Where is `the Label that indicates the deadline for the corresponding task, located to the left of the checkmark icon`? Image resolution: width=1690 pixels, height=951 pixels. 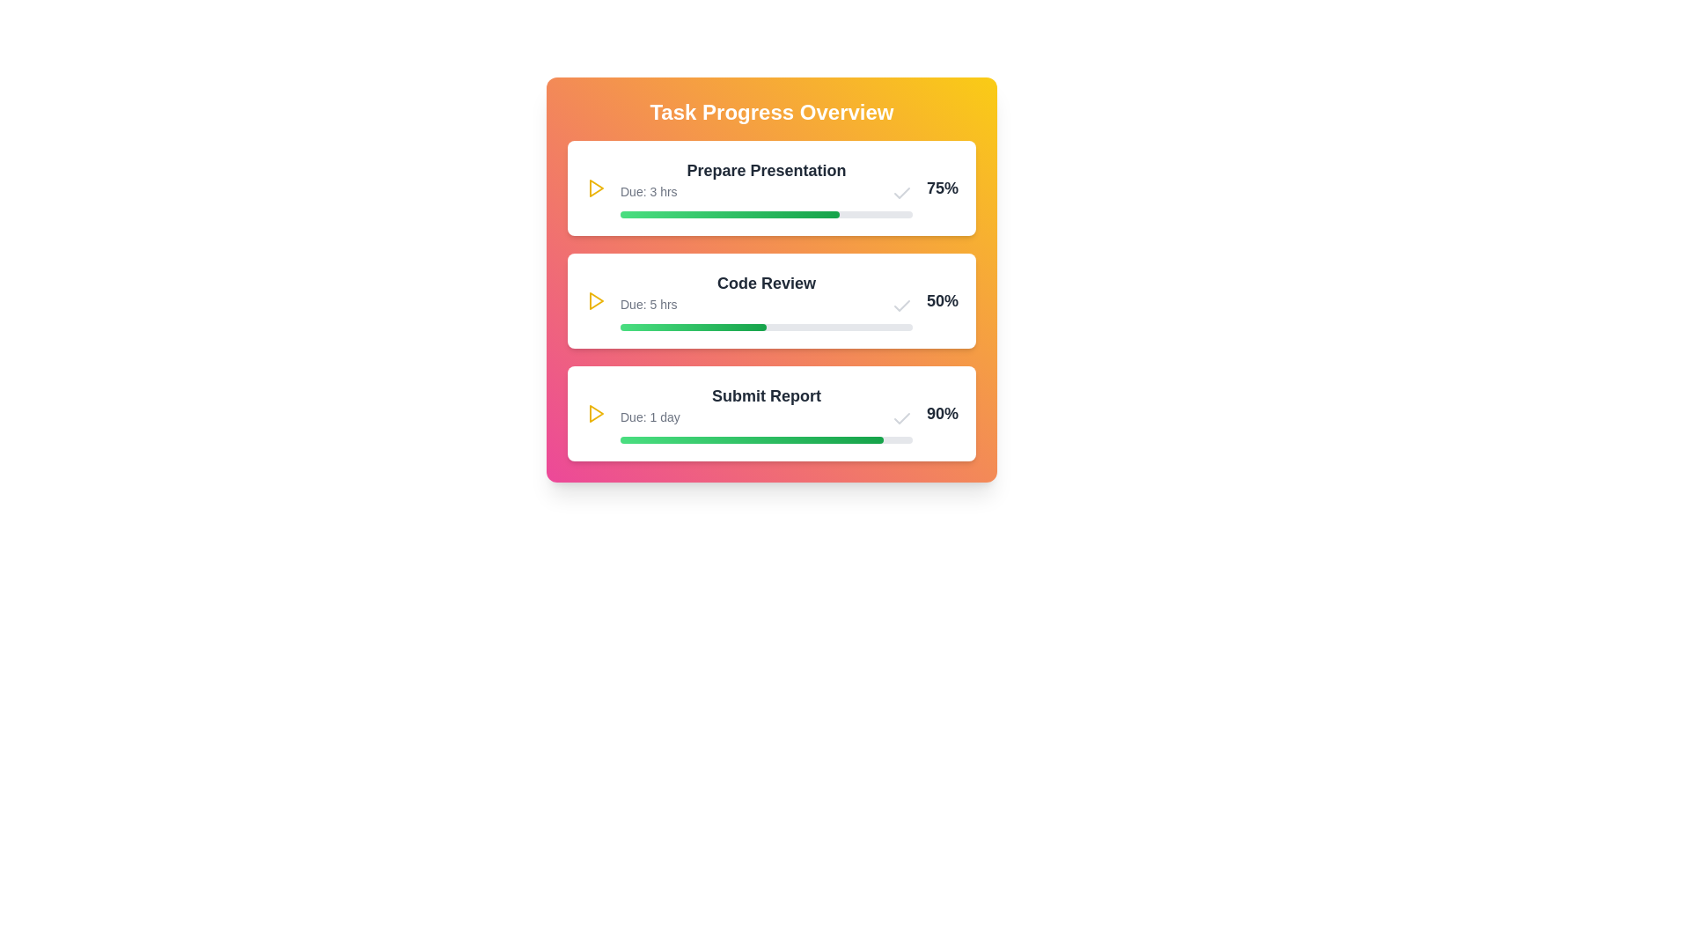 the Label that indicates the deadline for the corresponding task, located to the left of the checkmark icon is located at coordinates (648, 193).